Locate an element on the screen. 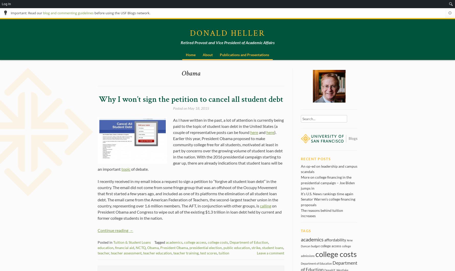  'topic' is located at coordinates (126, 169).